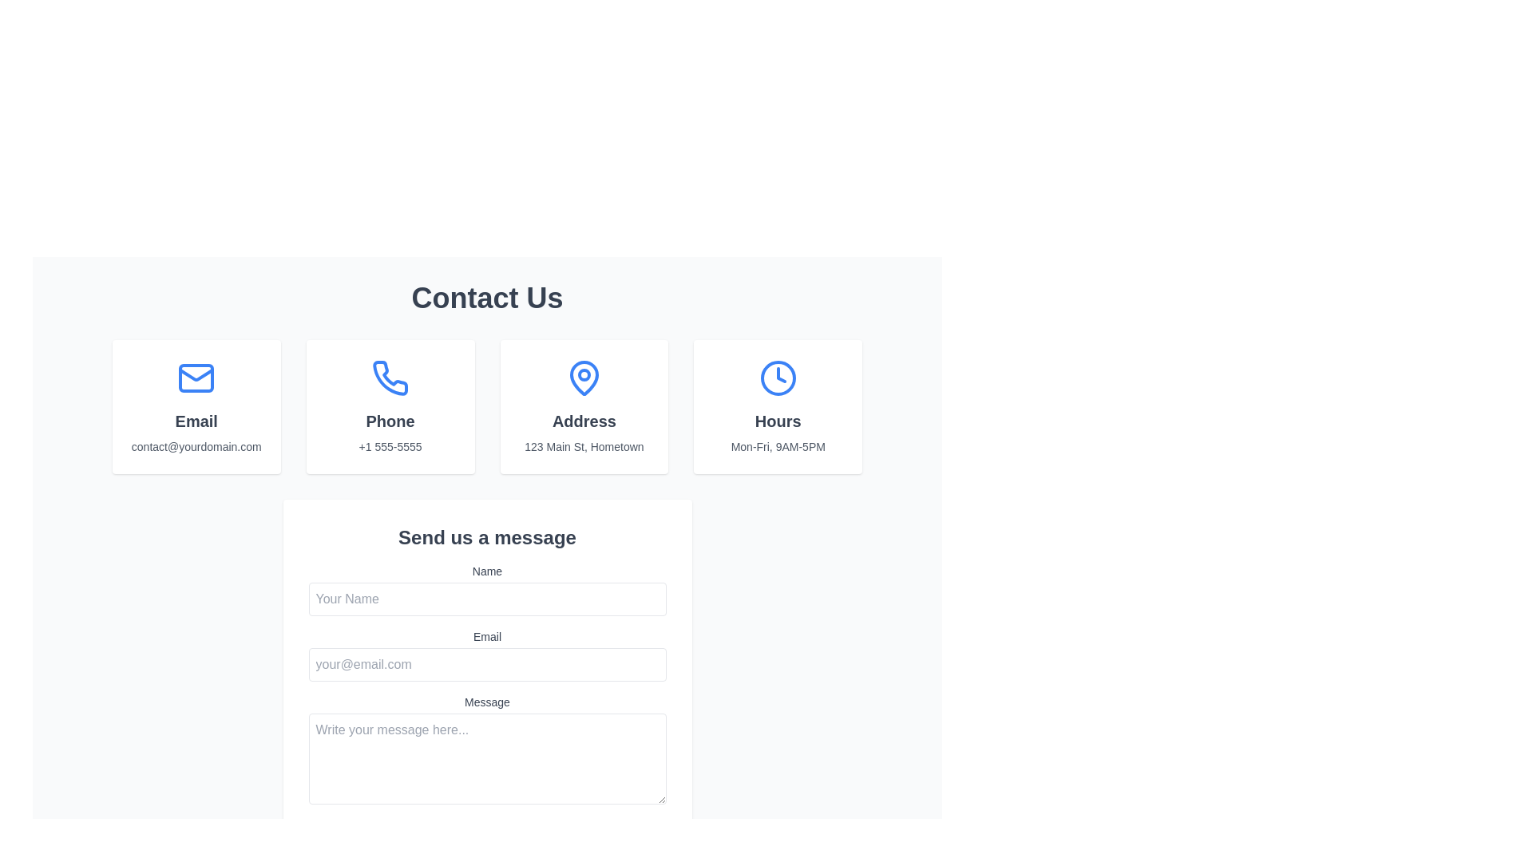  Describe the element at coordinates (583, 421) in the screenshot. I see `the Text label that provides context for the location information, positioned below the circular pin icon and above the address '123 Main St, Hometown' in the center section of the grid under 'Contact Us'` at that location.